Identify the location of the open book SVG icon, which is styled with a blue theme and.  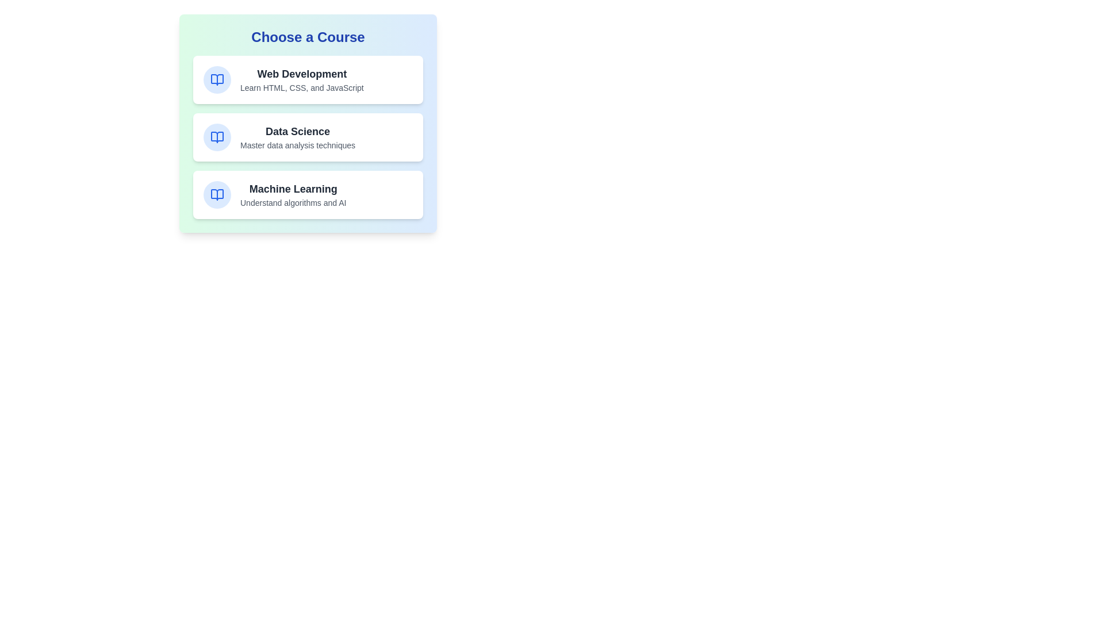
(217, 137).